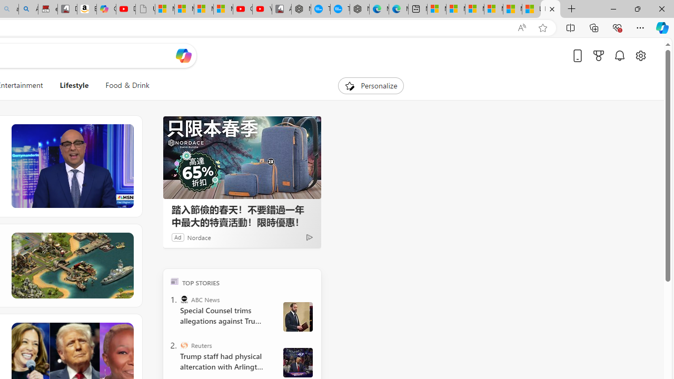 The width and height of the screenshot is (674, 379). What do you see at coordinates (371, 85) in the screenshot?
I see `'Personalize'` at bounding box center [371, 85].